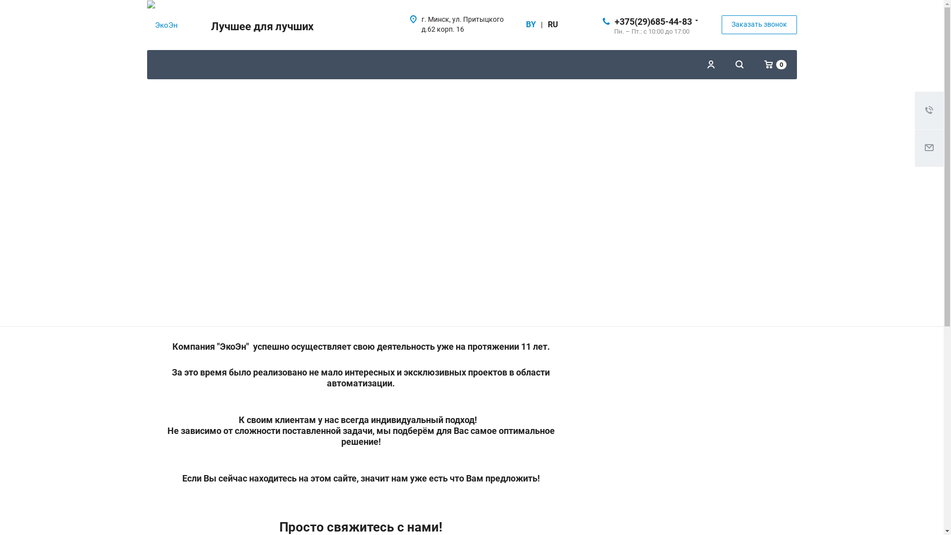  What do you see at coordinates (775, 64) in the screenshot?
I see `'0'` at bounding box center [775, 64].